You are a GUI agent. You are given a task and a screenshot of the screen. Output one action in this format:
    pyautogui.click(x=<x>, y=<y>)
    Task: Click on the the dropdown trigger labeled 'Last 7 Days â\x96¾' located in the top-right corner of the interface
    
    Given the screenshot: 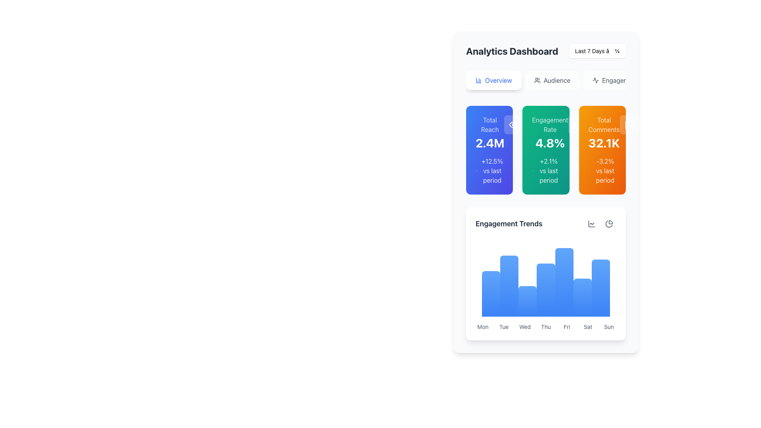 What is the action you would take?
    pyautogui.click(x=597, y=51)
    